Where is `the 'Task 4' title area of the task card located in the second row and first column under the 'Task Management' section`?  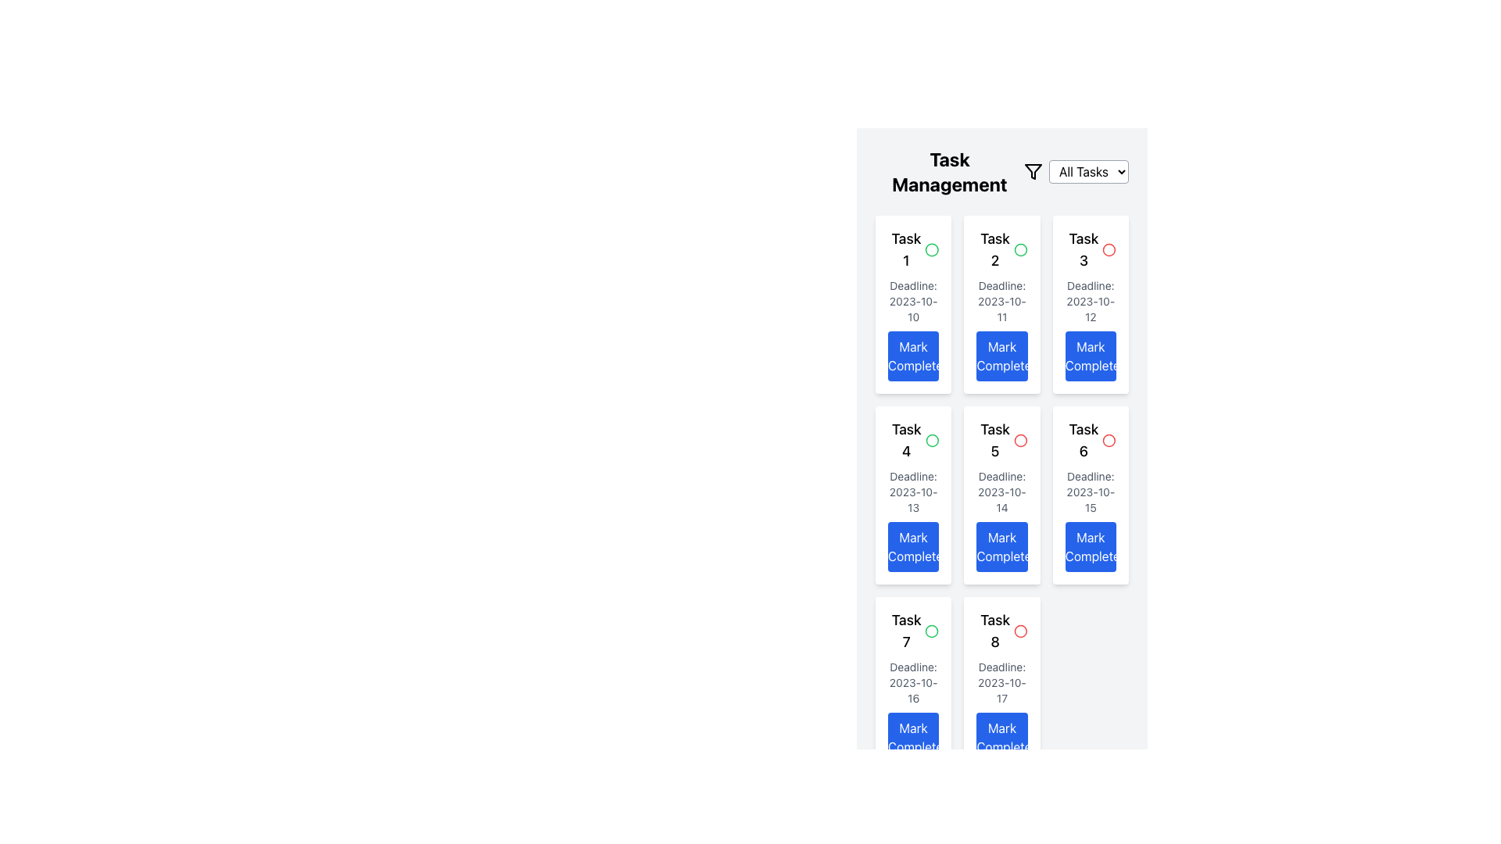
the 'Task 4' title area of the task card located in the second row and first column under the 'Task Management' section is located at coordinates (913, 440).